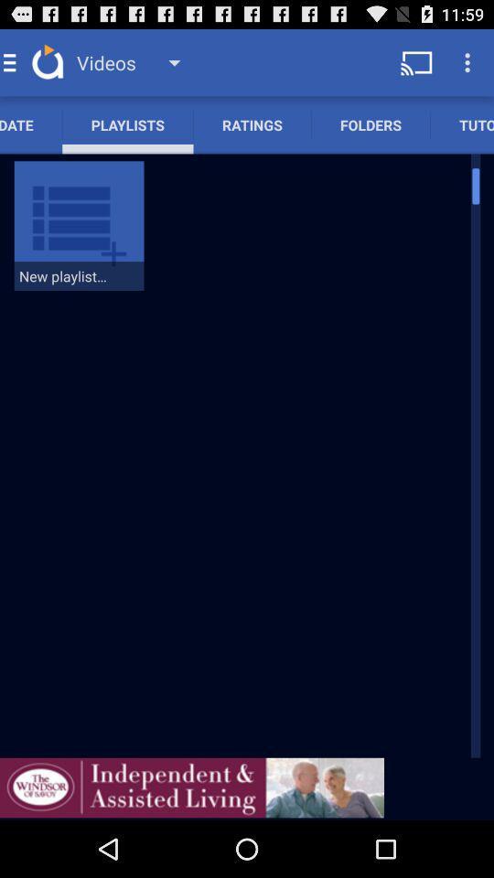 The width and height of the screenshot is (494, 878). I want to click on see advertisement, so click(191, 787).